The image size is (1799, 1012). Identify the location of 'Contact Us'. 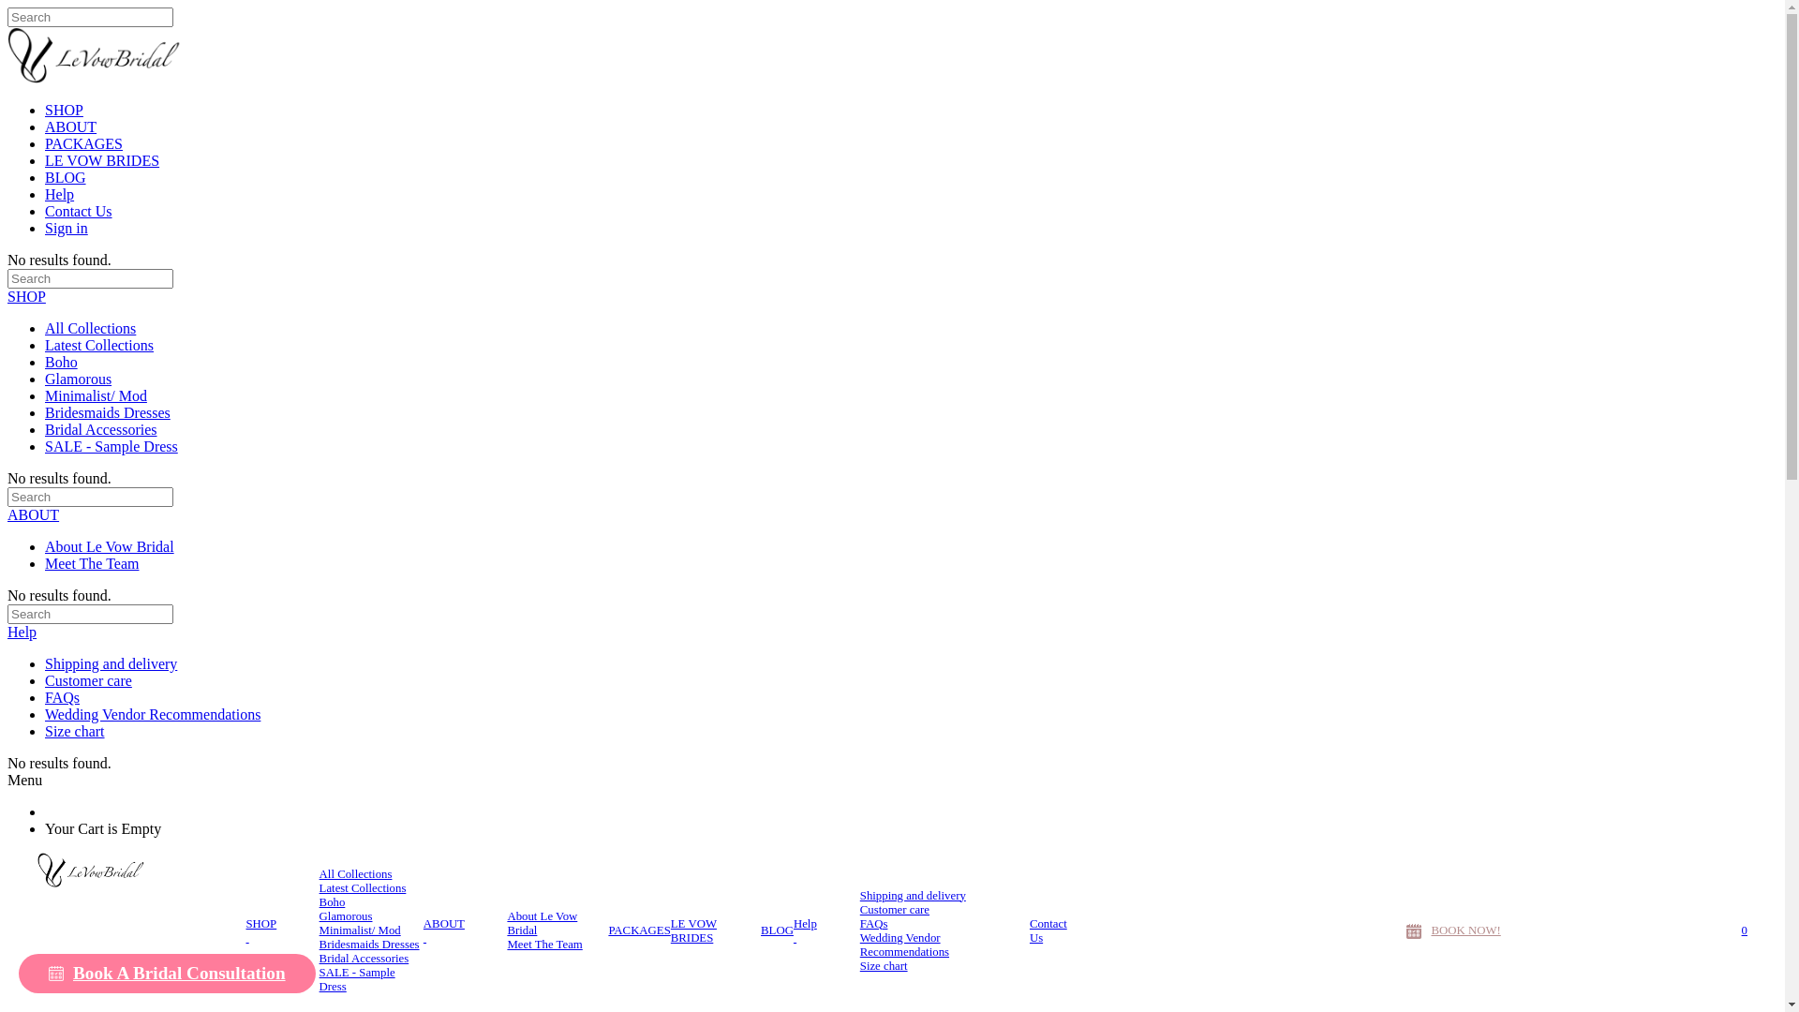
(77, 211).